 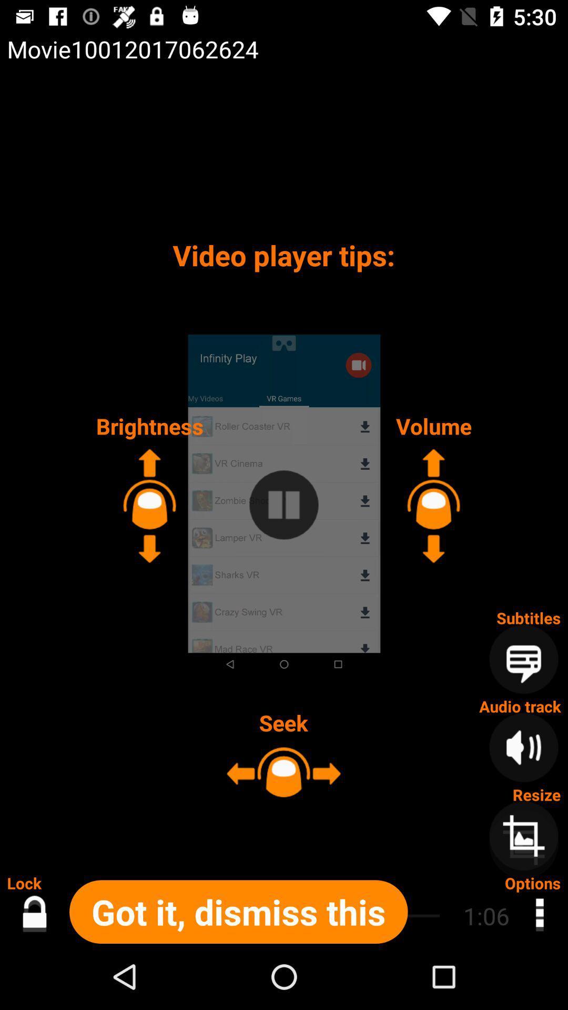 What do you see at coordinates (523, 844) in the screenshot?
I see `the wallpaper icon` at bounding box center [523, 844].